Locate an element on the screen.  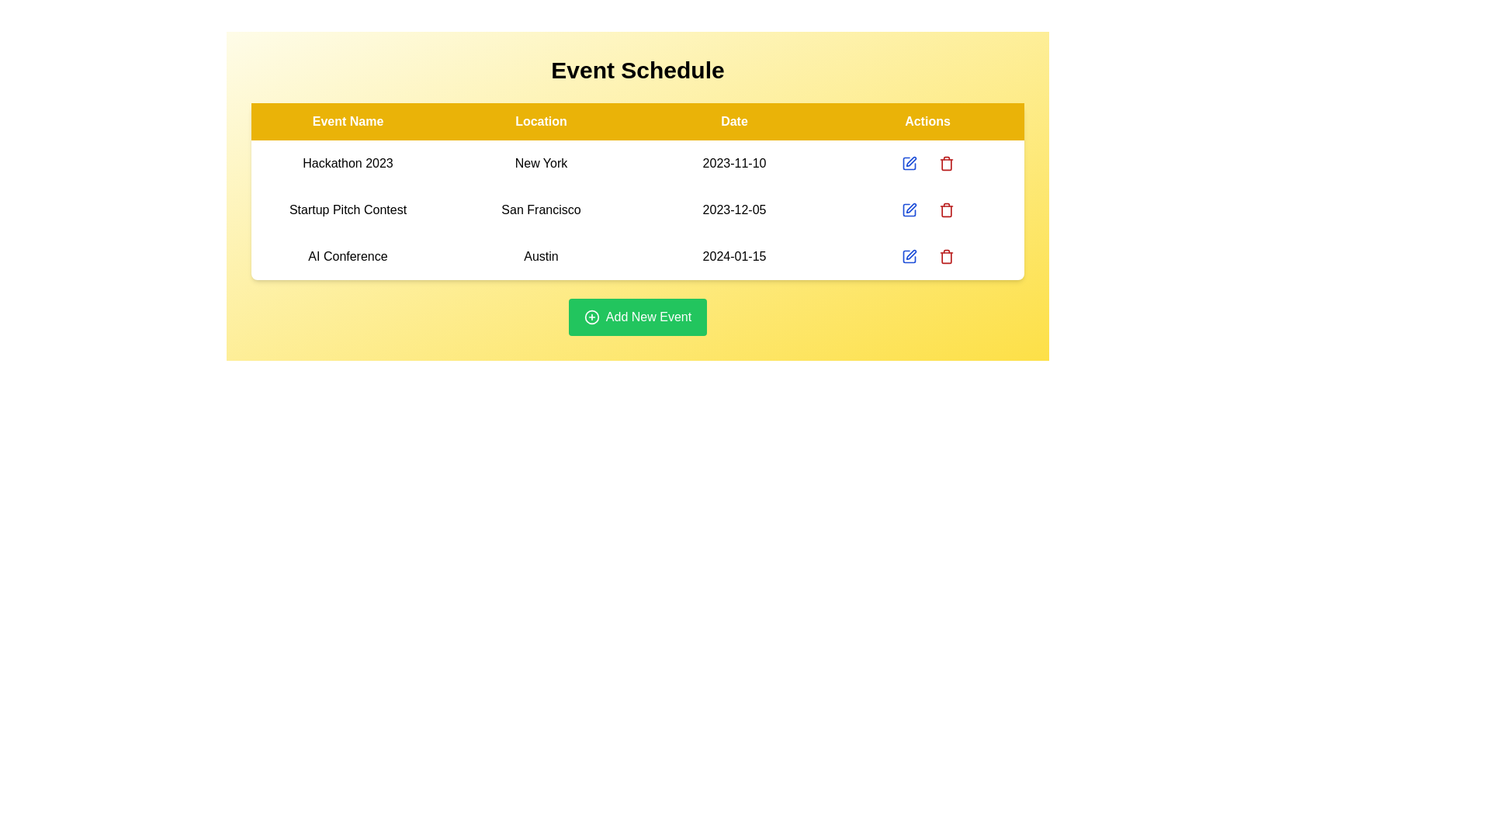
the edit button for the event Hackathon 2023 is located at coordinates (909, 164).